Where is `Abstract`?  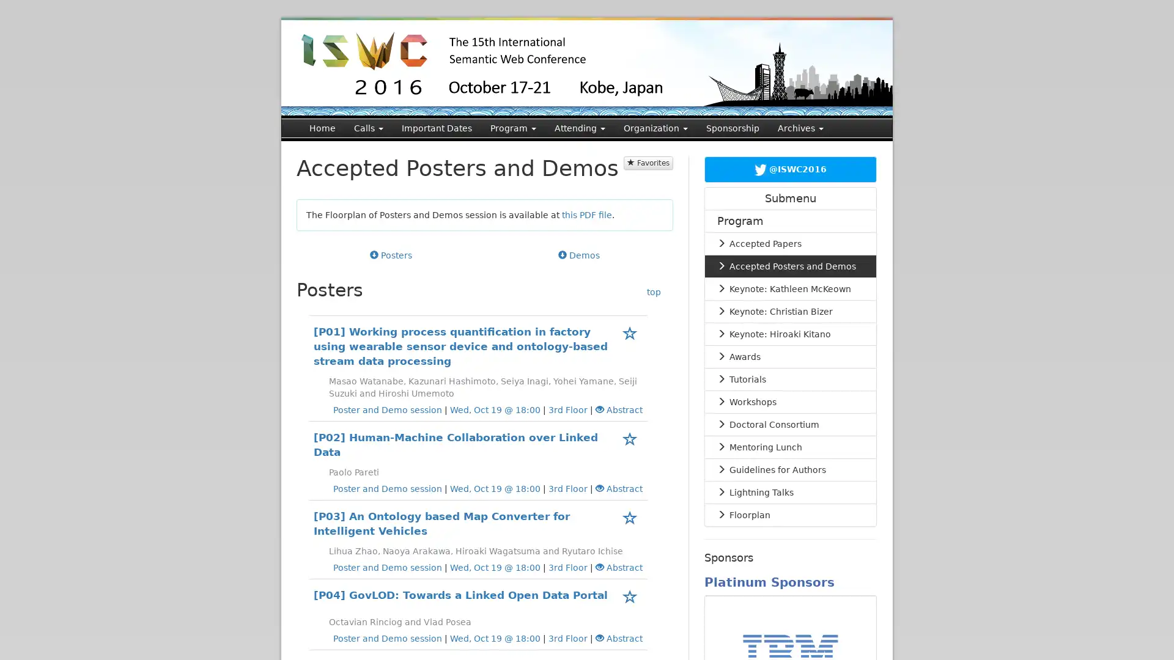
Abstract is located at coordinates (619, 638).